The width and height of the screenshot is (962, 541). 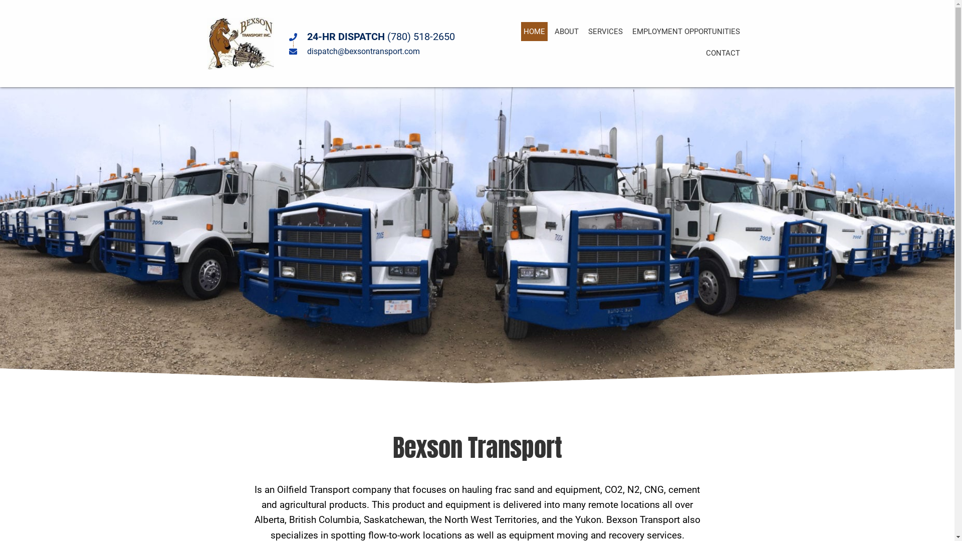 What do you see at coordinates (605, 31) in the screenshot?
I see `'SERVICES'` at bounding box center [605, 31].